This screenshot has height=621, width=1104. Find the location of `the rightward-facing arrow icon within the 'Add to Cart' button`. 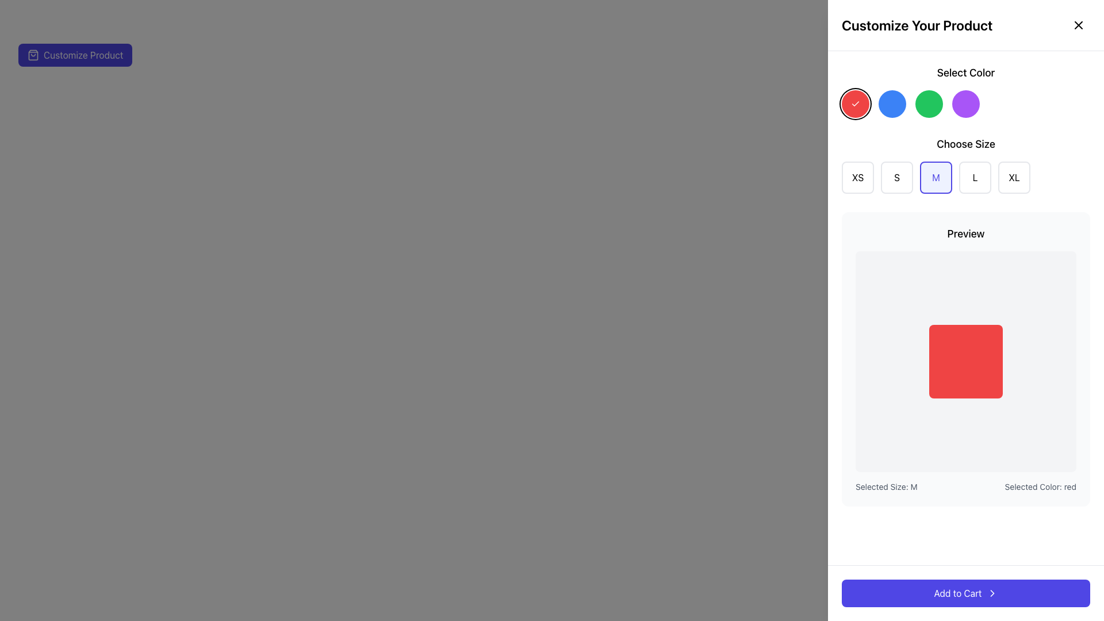

the rightward-facing arrow icon within the 'Add to Cart' button is located at coordinates (991, 593).